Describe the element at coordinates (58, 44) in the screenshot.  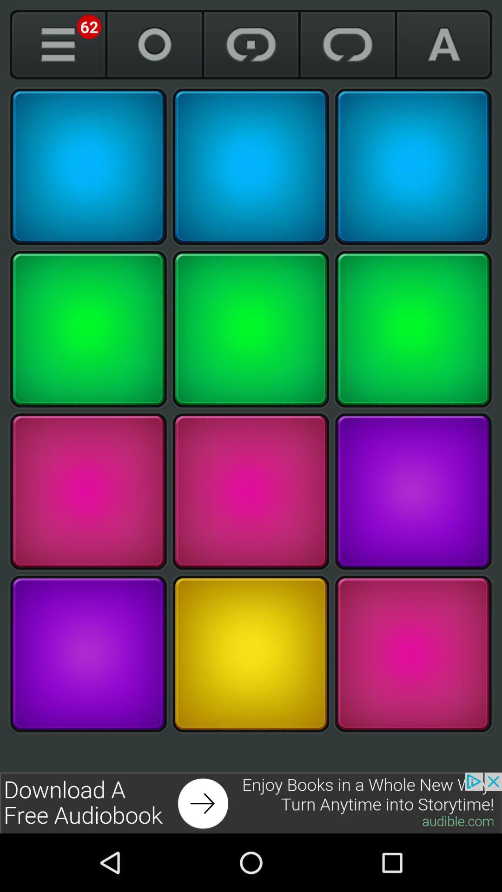
I see `click the info` at that location.